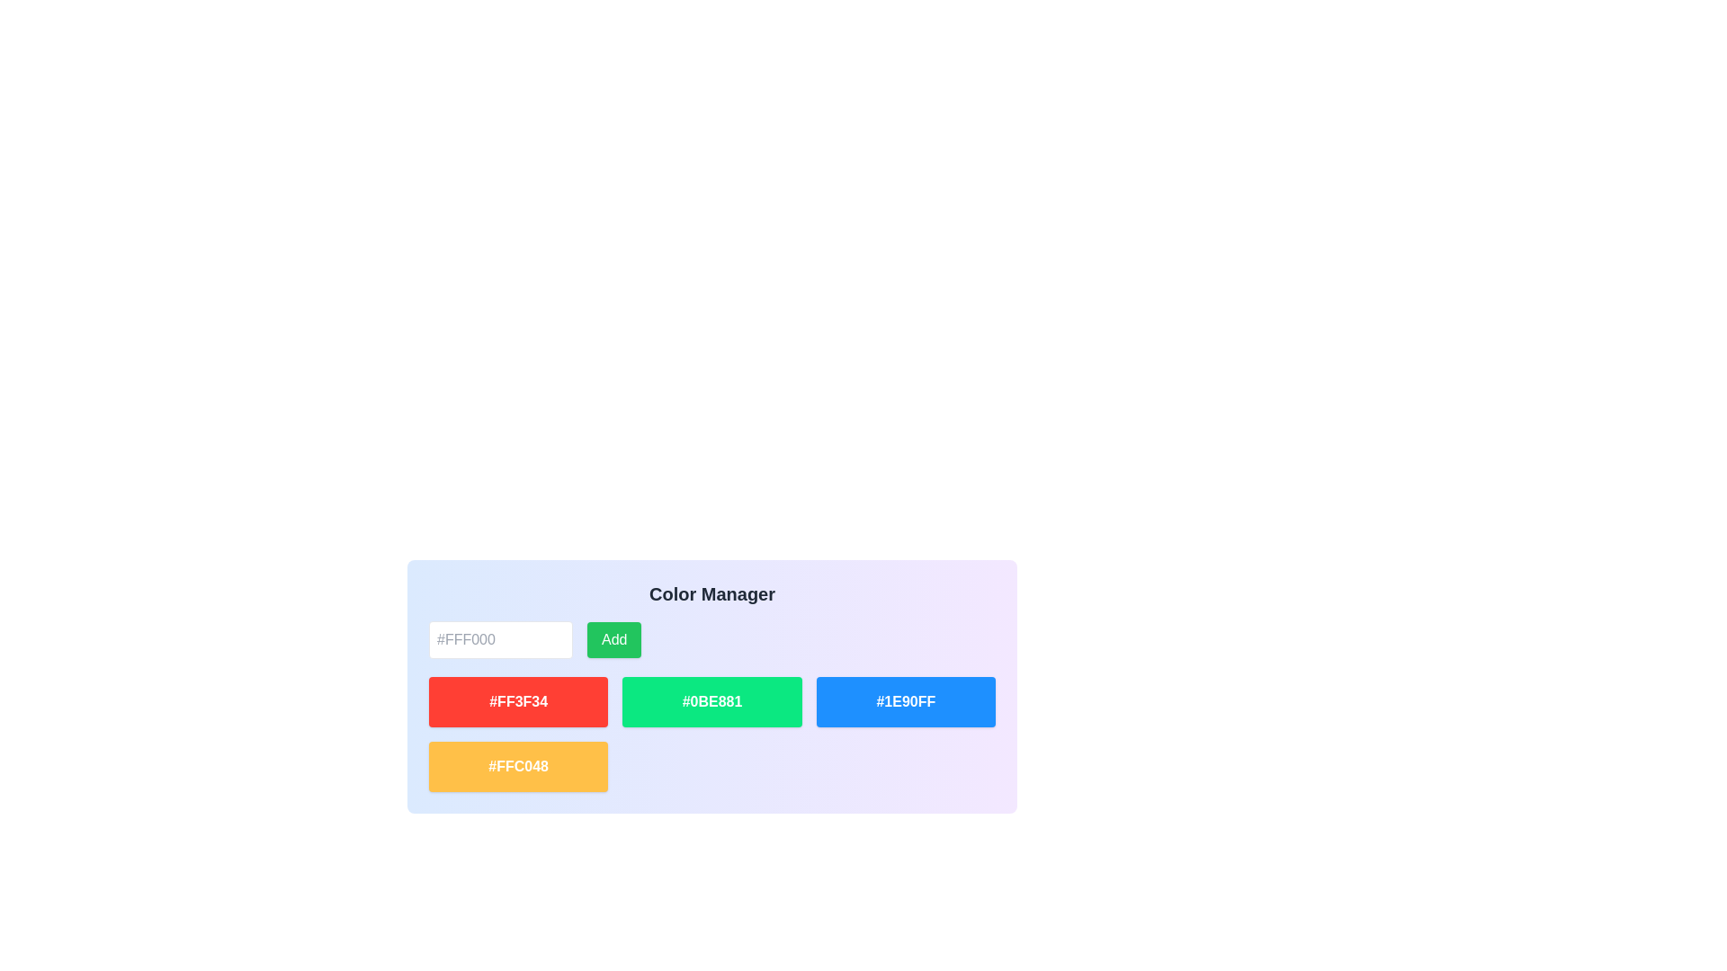 The width and height of the screenshot is (1727, 971). What do you see at coordinates (711, 700) in the screenshot?
I see `the bright green button labeled '#0BE881', which is the second button in the middle of the second row in a grid layout` at bounding box center [711, 700].